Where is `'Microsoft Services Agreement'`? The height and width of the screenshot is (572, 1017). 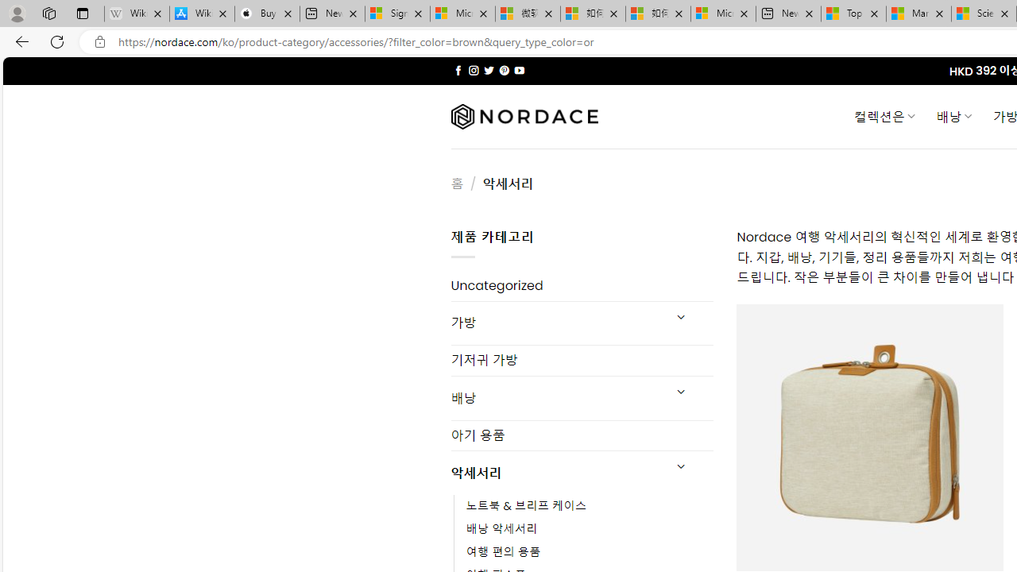 'Microsoft Services Agreement' is located at coordinates (462, 14).